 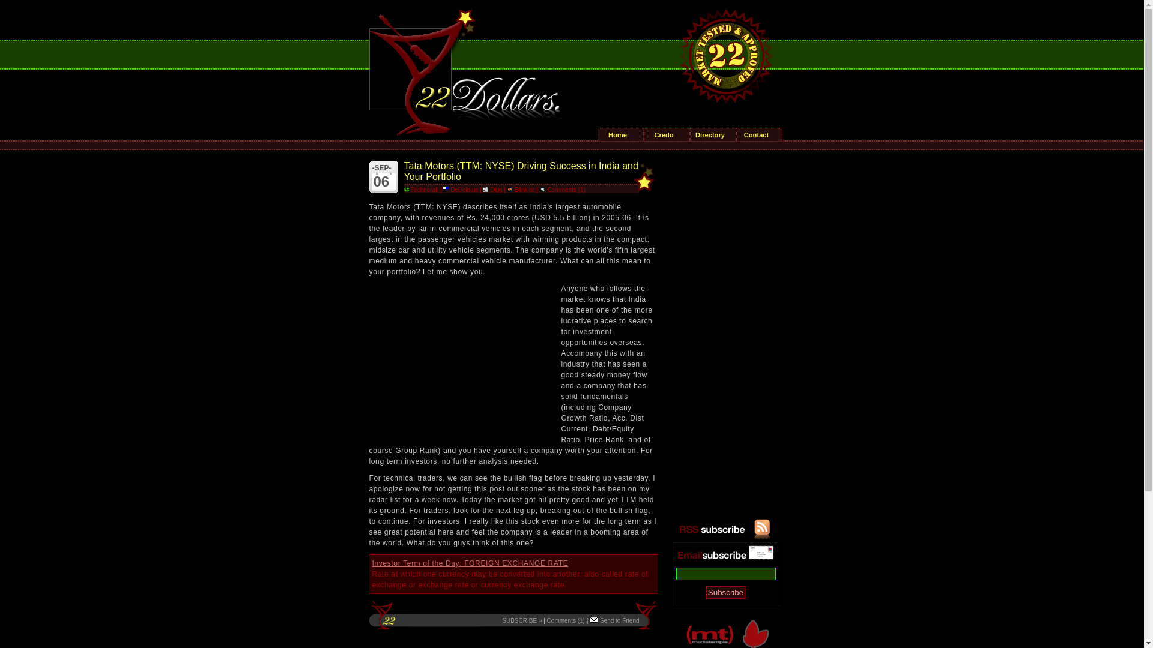 What do you see at coordinates (725, 592) in the screenshot?
I see `'Subscribe'` at bounding box center [725, 592].